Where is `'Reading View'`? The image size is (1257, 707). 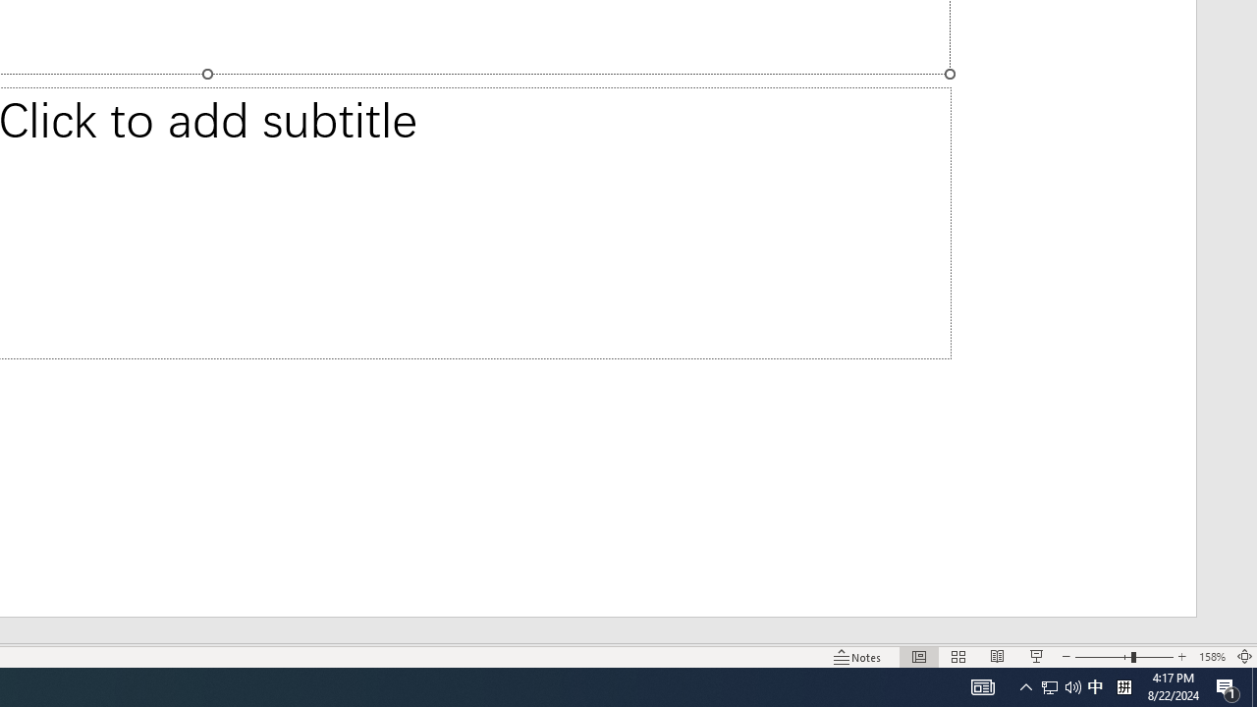
'Reading View' is located at coordinates (997, 657).